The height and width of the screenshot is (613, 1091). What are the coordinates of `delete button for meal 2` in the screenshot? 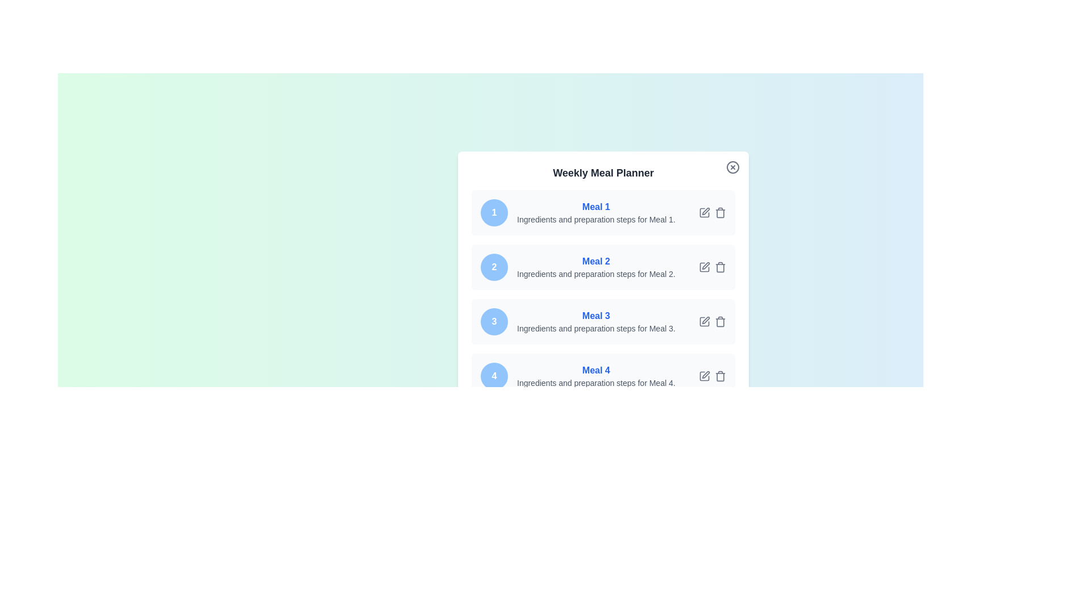 It's located at (719, 267).